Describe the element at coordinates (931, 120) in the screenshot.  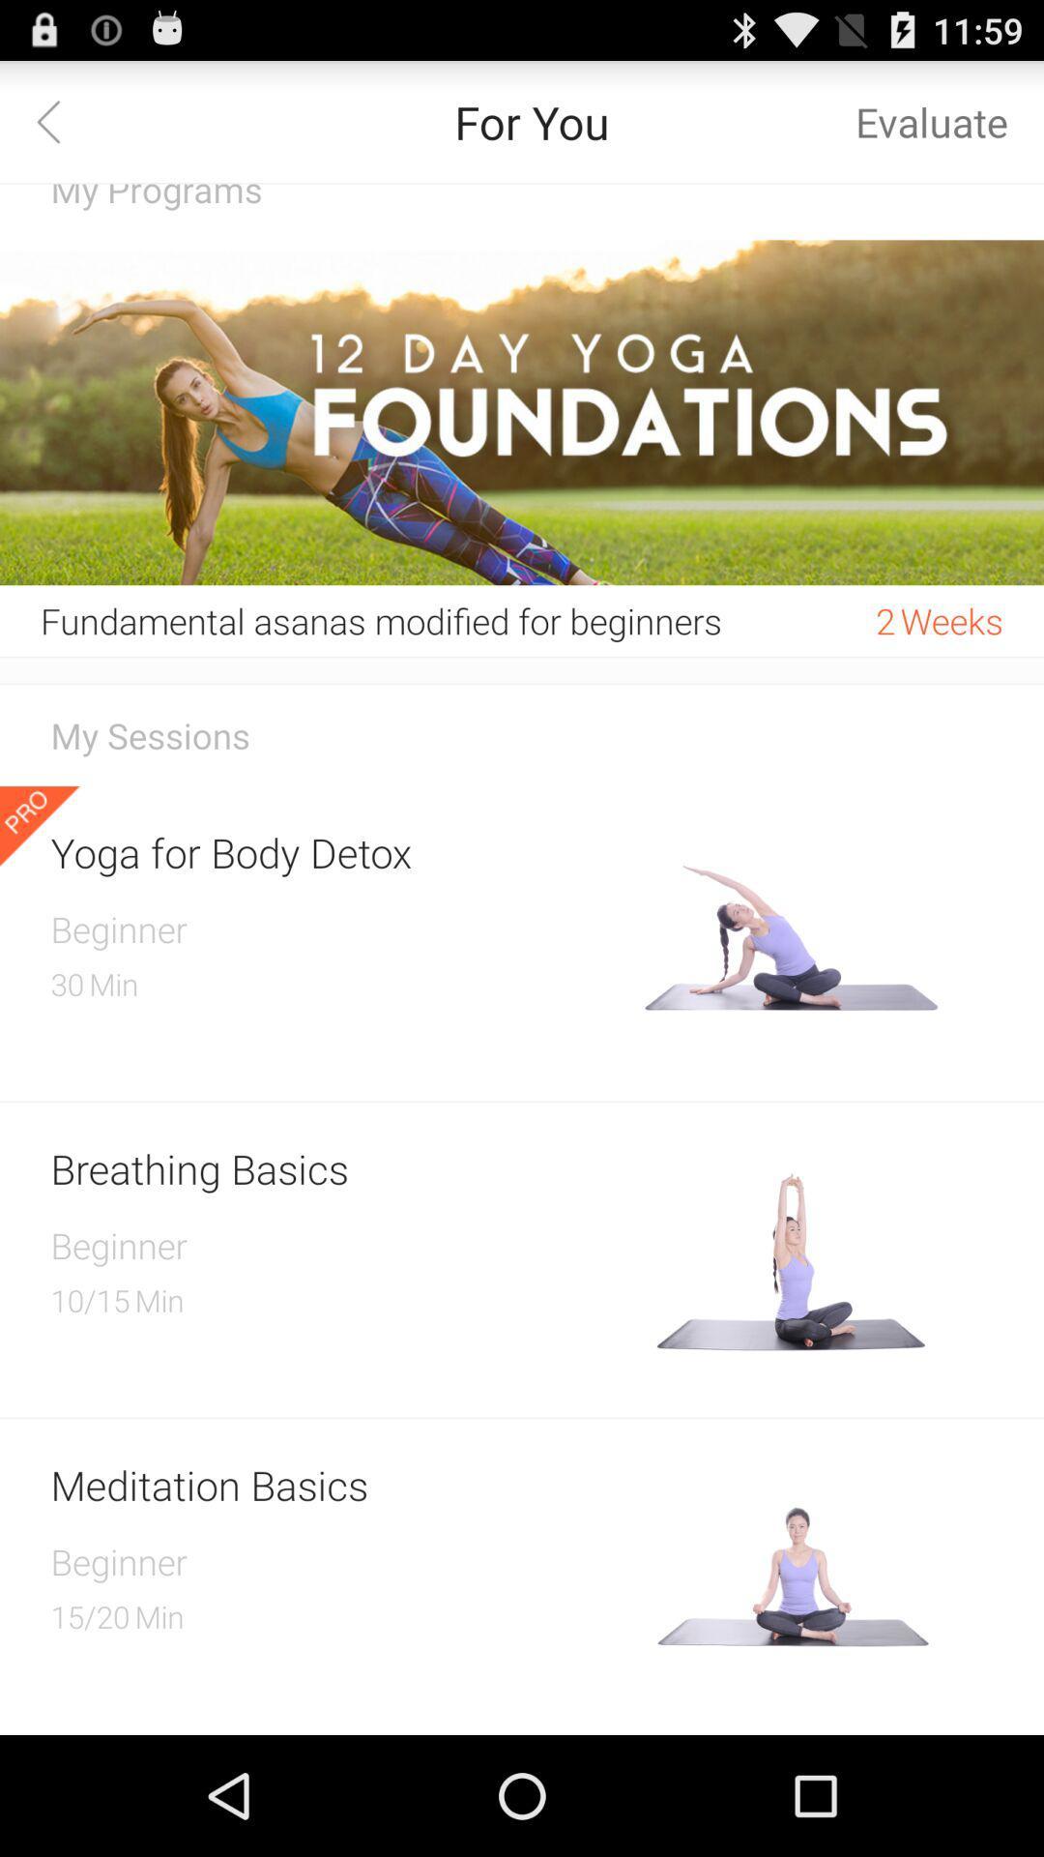
I see `evaluate icon` at that location.